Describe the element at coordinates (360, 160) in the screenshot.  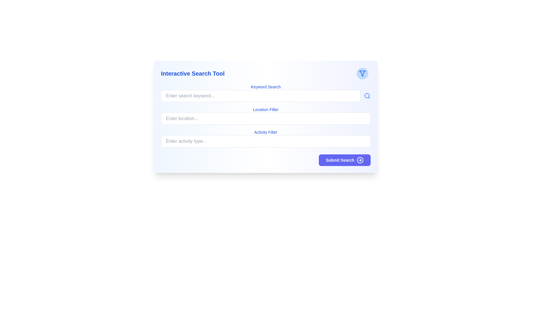
I see `the circular icon with a right-pointing arrow, which is located at the right edge of the 'Submit Search' button, following the label text 'Submit Search'` at that location.